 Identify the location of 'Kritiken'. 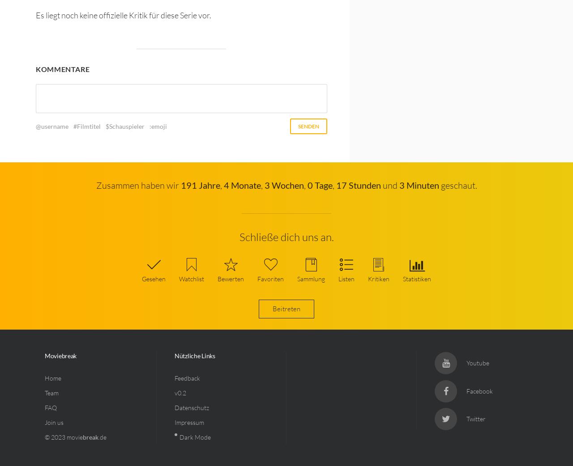
(378, 278).